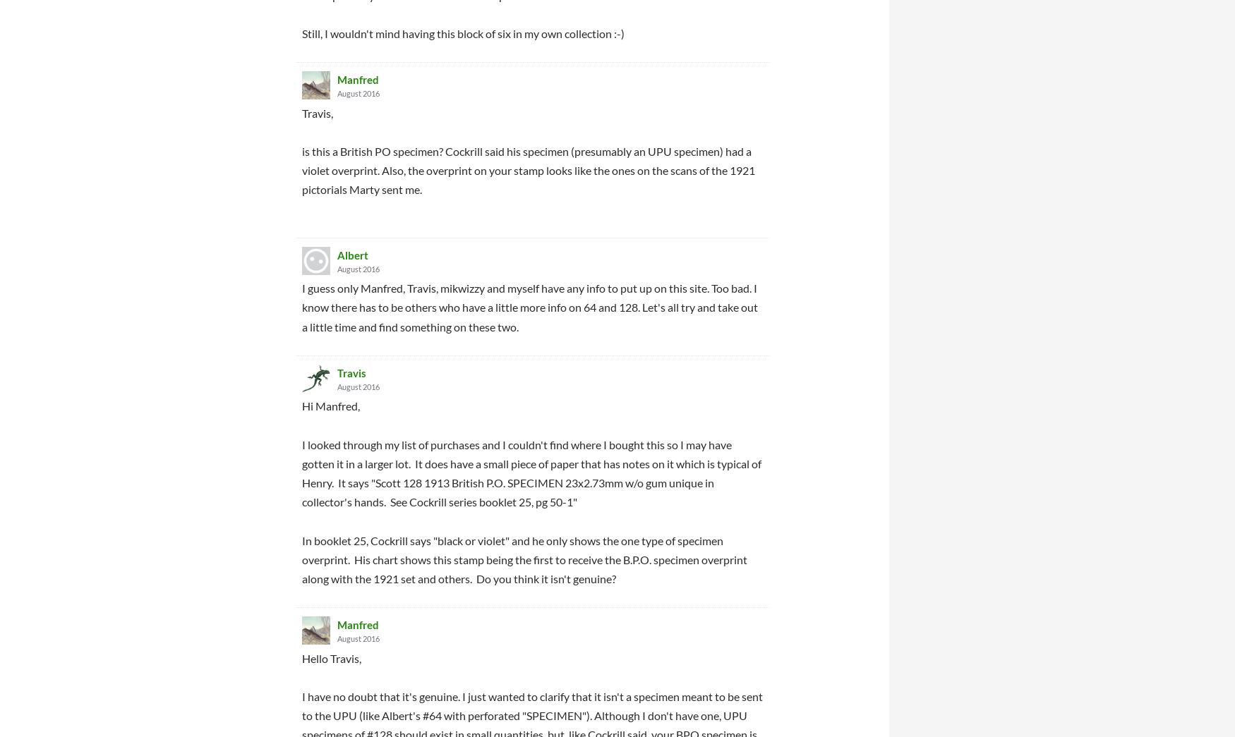 The width and height of the screenshot is (1235, 737). Describe the element at coordinates (531, 473) in the screenshot. I see `'I looked through my list of purchases and I couldn't find where I bought this so I may have gotten it in a larger lot.  It does have a small piece of paper that has notes on it which is typical of Henry.  It says "Scott 128 1913 British P.O. SPECIMEN 23x2.73mm w/o gum unique in collector's hands.  See Cockrill series booklet 25, pg 50-1"'` at that location.